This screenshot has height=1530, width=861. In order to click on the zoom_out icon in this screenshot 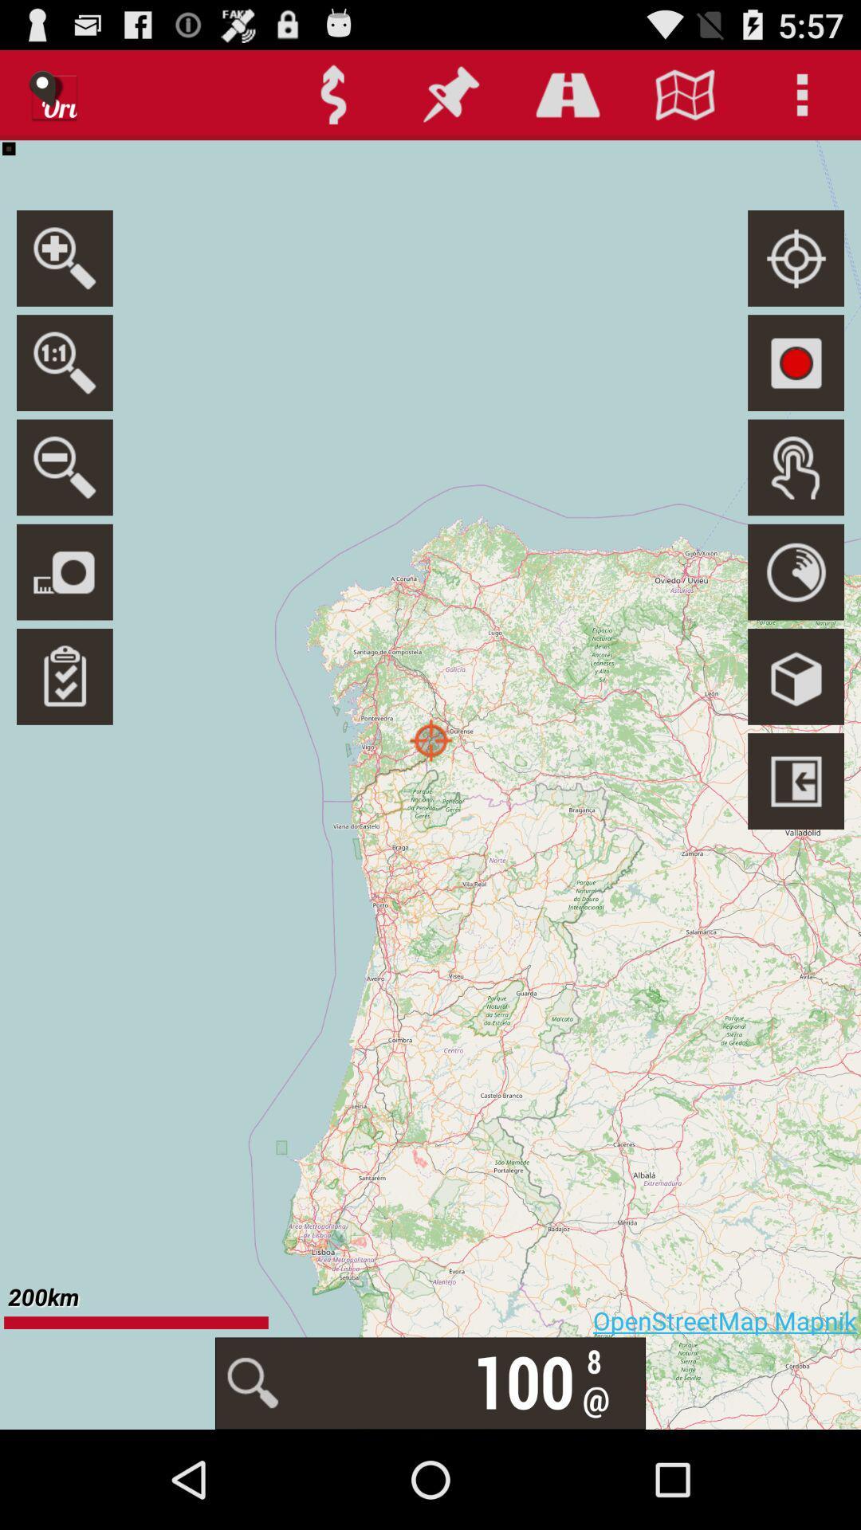, I will do `click(64, 277)`.